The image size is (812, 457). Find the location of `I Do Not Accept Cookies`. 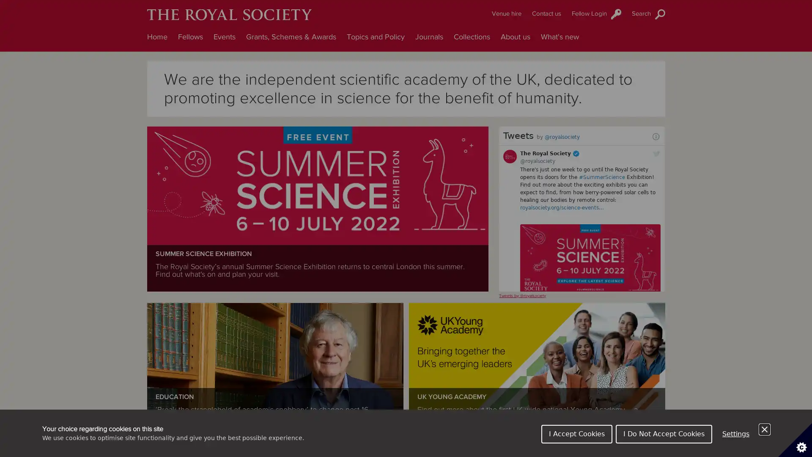

I Do Not Accept Cookies is located at coordinates (663, 434).